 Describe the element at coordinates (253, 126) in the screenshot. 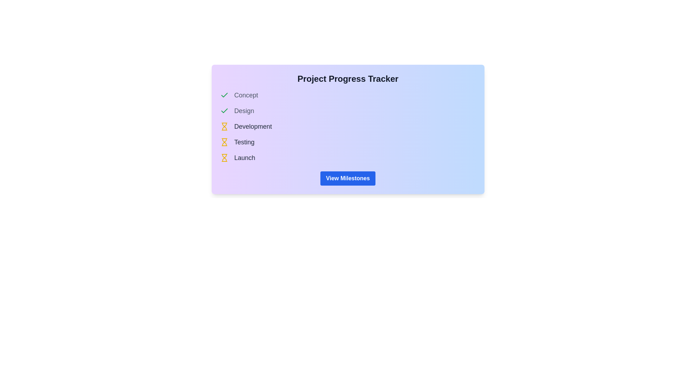

I see `the static text element reading 'Development' in the Project Progress Tracker section, which is the third entry in a vertical list of milestones` at that location.